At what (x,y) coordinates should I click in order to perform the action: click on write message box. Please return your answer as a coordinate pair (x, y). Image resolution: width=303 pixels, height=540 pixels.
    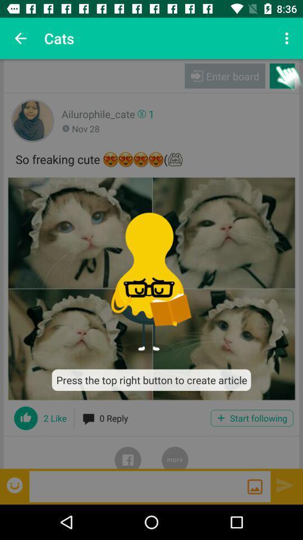
    Looking at the image, I should click on (138, 485).